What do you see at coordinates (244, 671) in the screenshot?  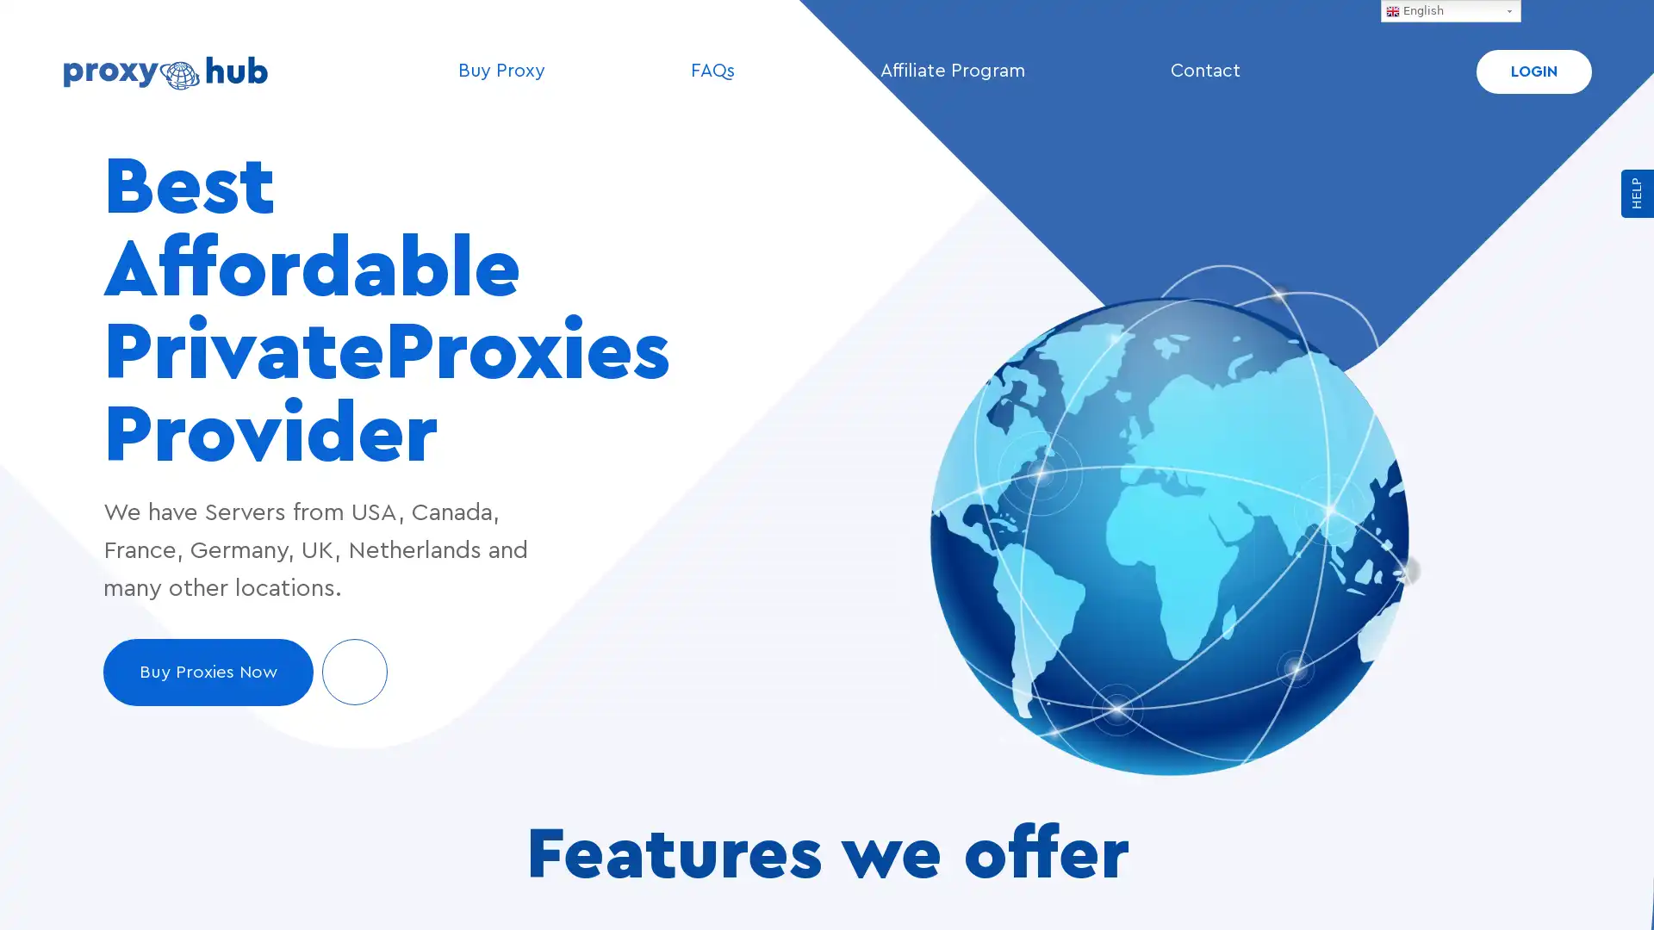 I see `Buy Proxies Now` at bounding box center [244, 671].